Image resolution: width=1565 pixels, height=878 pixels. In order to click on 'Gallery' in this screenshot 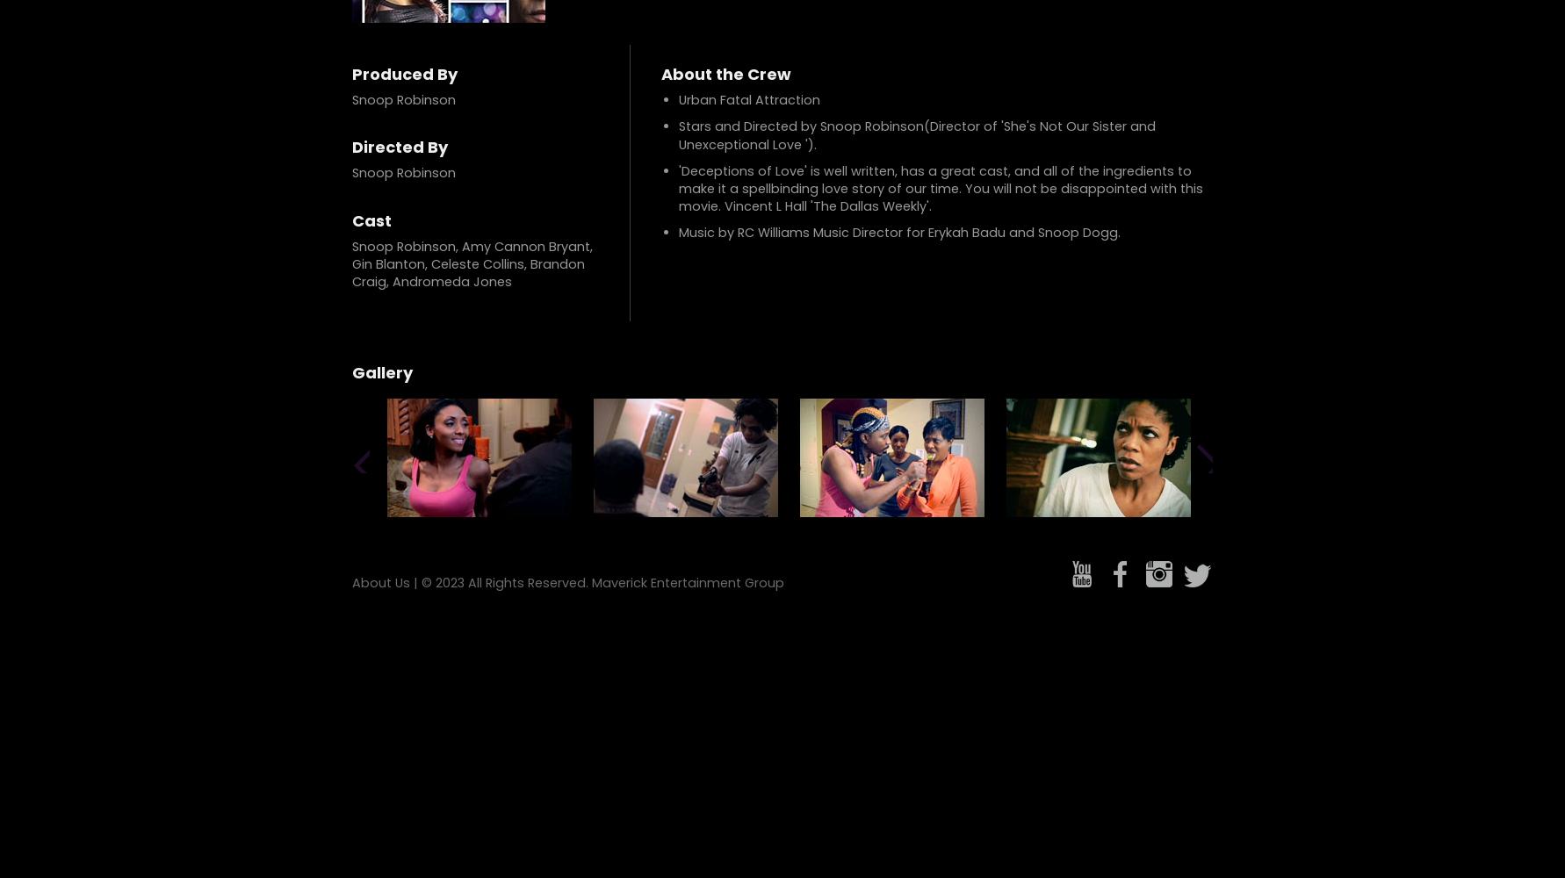, I will do `click(382, 372)`.